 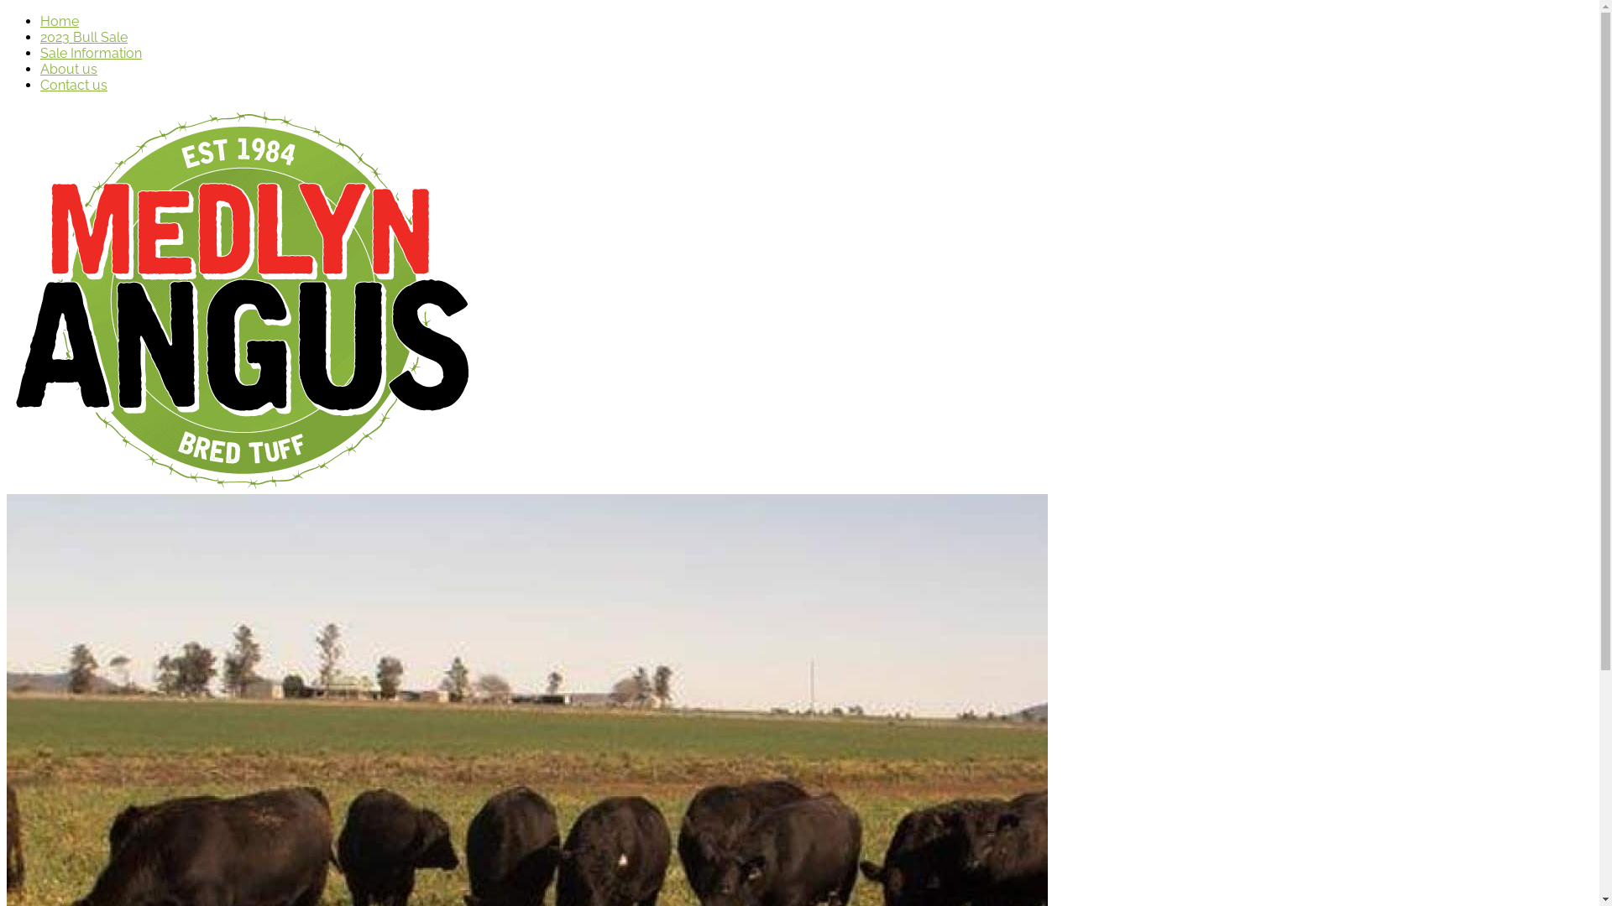 I want to click on '2023 Bull Sale', so click(x=40, y=37).